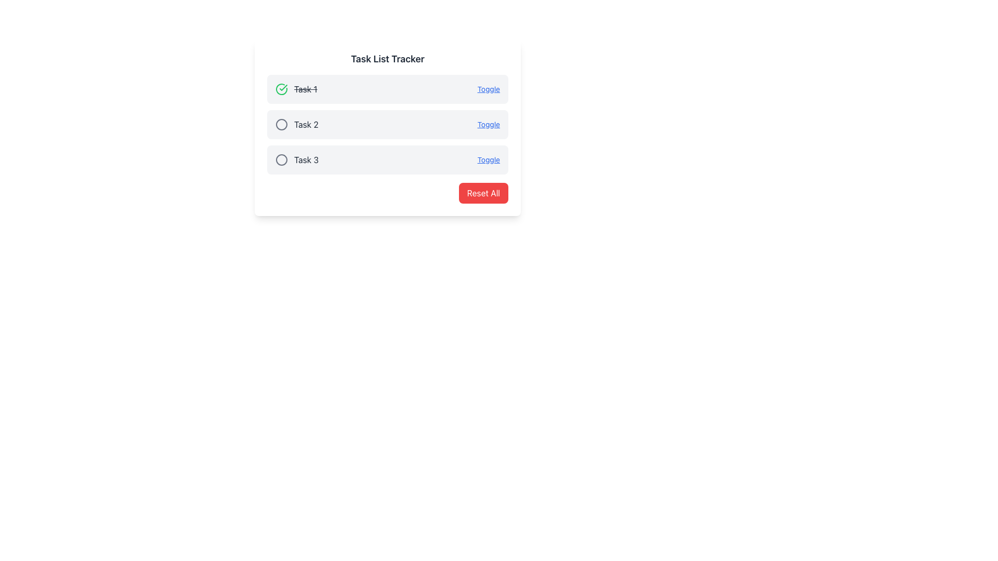  I want to click on the SVG Circle indicating the status of 'Task 3' in the task tracker interface, located in the third row, left-aligned with the task text, so click(282, 160).